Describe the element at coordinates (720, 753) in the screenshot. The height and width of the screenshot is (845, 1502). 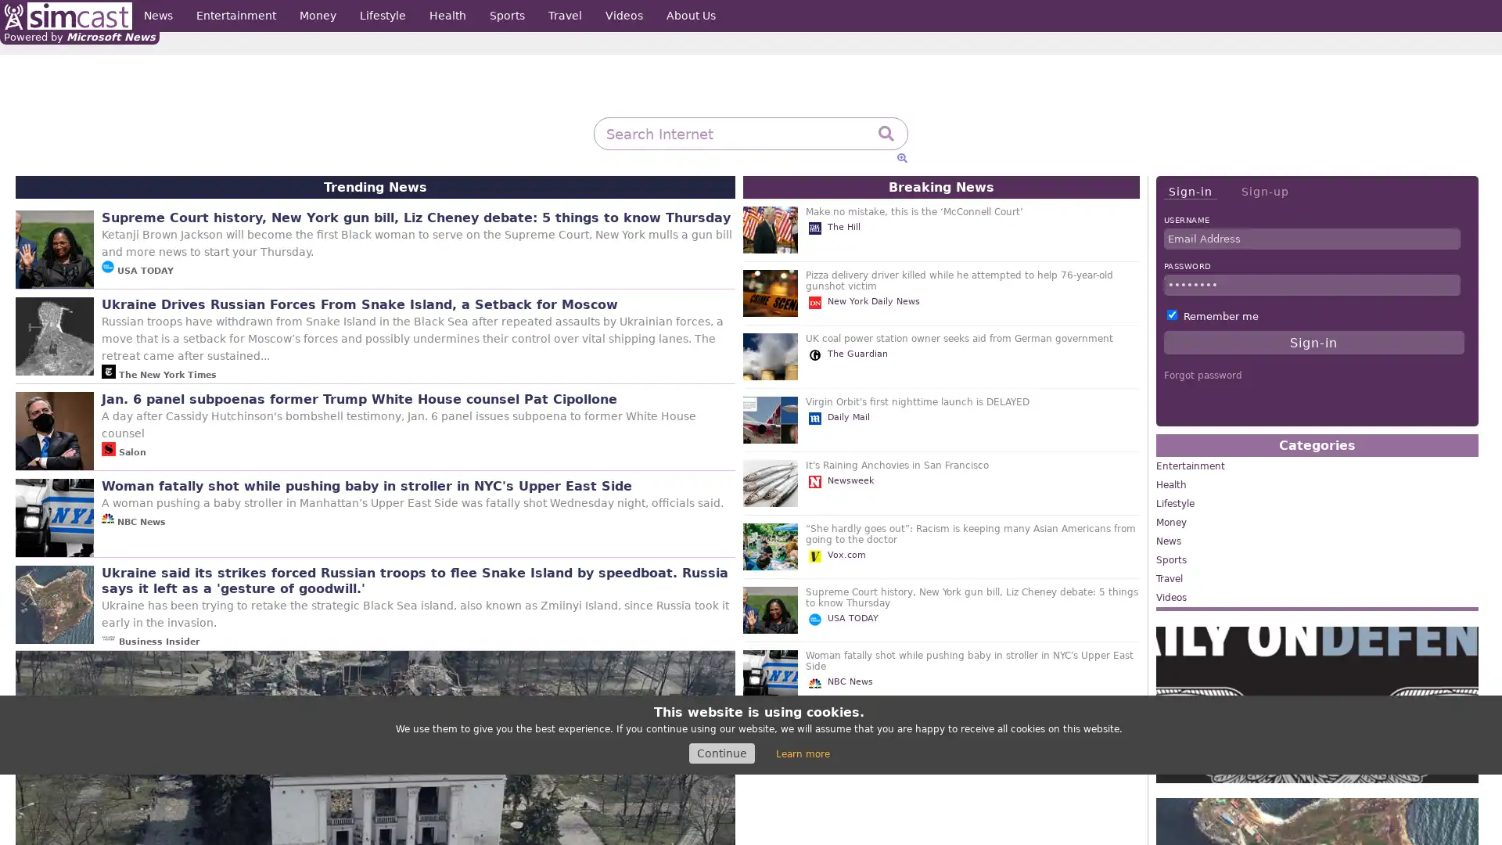
I see `Continue` at that location.